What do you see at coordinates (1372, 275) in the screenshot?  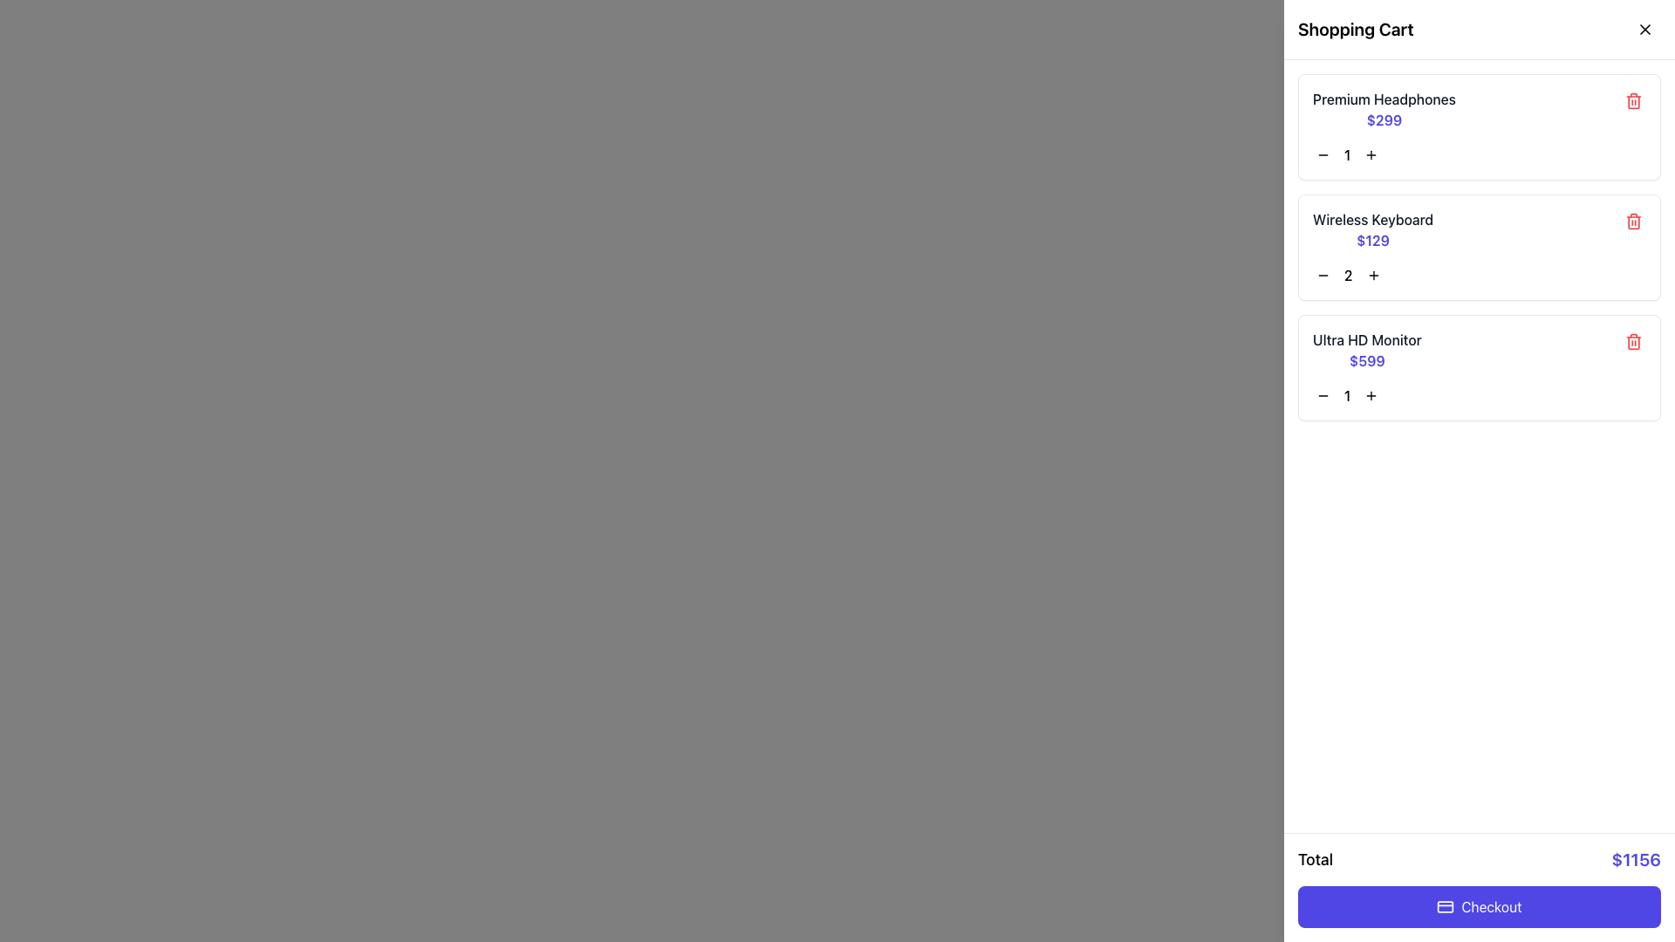 I see `the circular button with a plus sign icon, which is the third interactive button associated with the Wireless Keyboard in the shopping cart, to trigger the background change effect` at bounding box center [1372, 275].